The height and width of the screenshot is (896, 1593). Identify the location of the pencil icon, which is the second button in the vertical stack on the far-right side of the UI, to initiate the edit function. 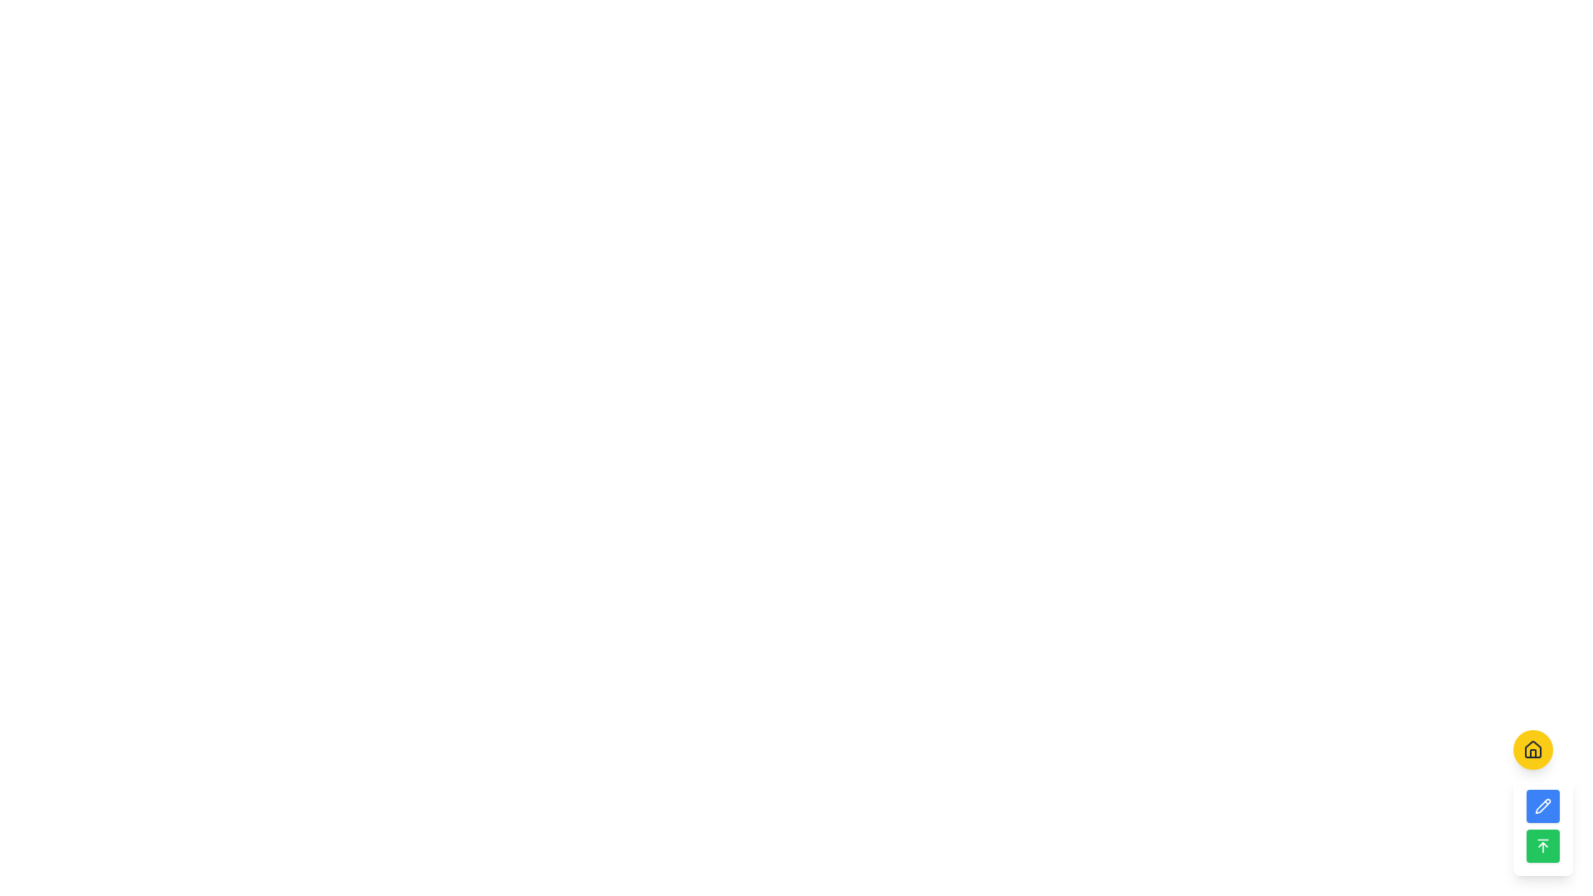
(1542, 805).